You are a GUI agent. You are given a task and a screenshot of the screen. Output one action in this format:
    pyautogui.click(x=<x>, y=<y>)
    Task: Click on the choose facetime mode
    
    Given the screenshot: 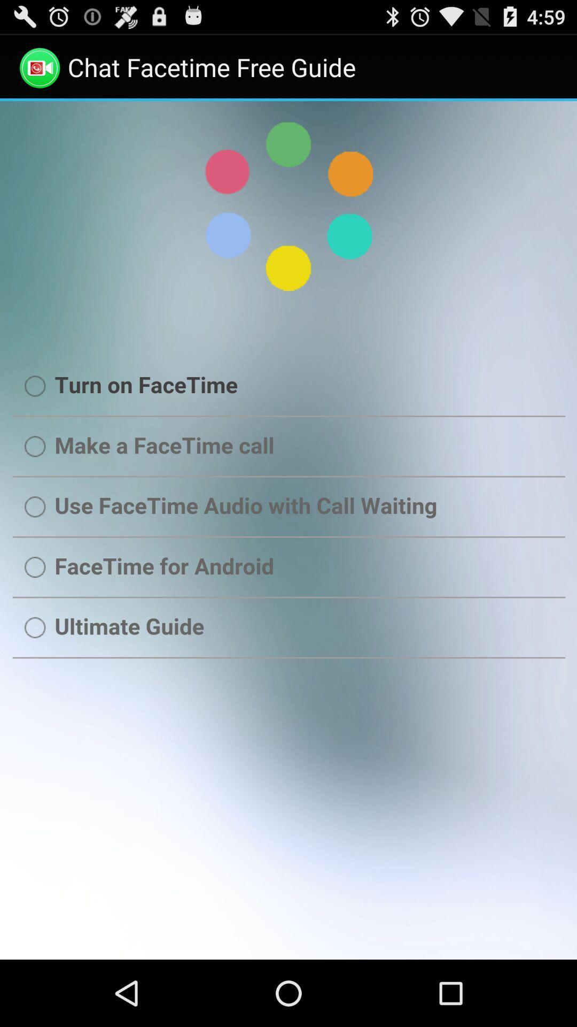 What is the action you would take?
    pyautogui.click(x=288, y=530)
    